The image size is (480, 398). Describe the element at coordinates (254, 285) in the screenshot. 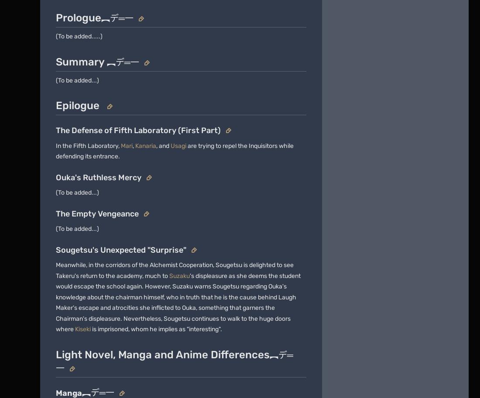

I see `'View Mobile Site'` at that location.